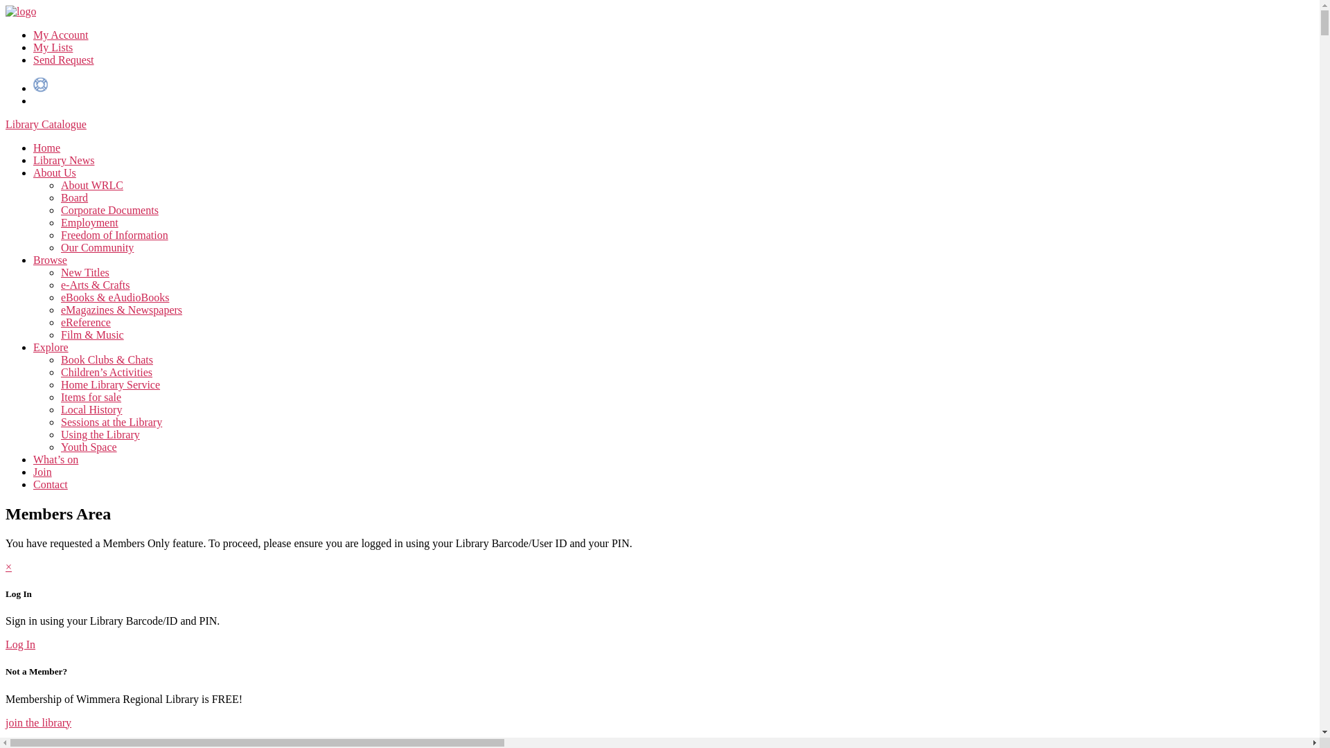 Image resolution: width=1330 pixels, height=748 pixels. What do you see at coordinates (106, 359) in the screenshot?
I see `'Book Clubs & Chats'` at bounding box center [106, 359].